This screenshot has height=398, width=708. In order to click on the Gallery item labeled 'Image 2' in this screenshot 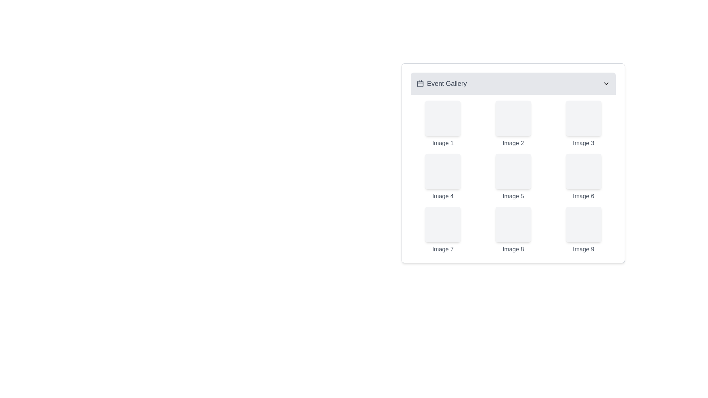, I will do `click(513, 123)`.